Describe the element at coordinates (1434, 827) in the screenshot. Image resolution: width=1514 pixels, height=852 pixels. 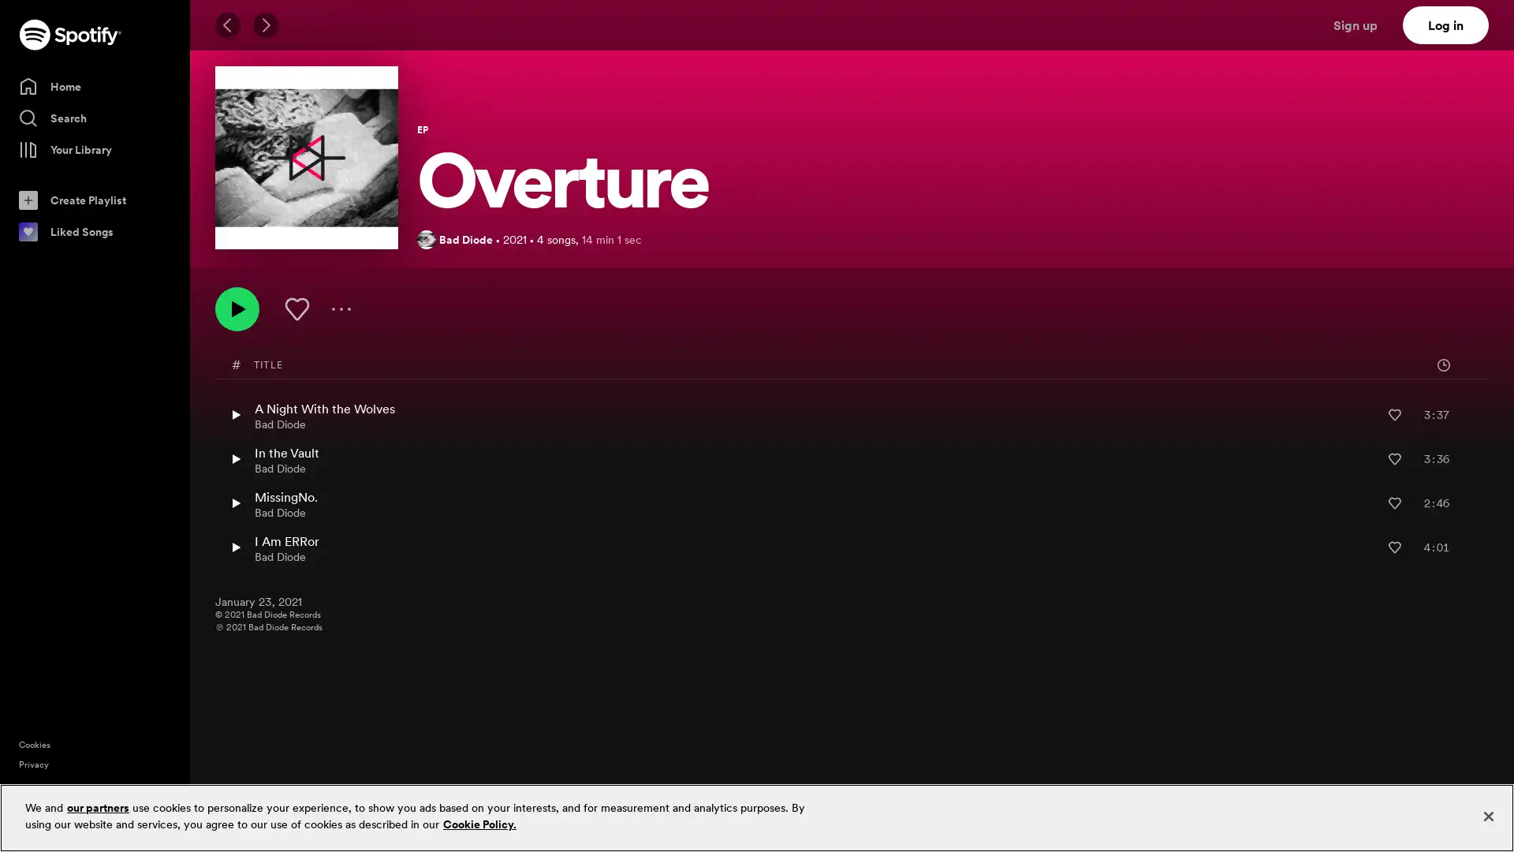
I see `Sign up free` at that location.